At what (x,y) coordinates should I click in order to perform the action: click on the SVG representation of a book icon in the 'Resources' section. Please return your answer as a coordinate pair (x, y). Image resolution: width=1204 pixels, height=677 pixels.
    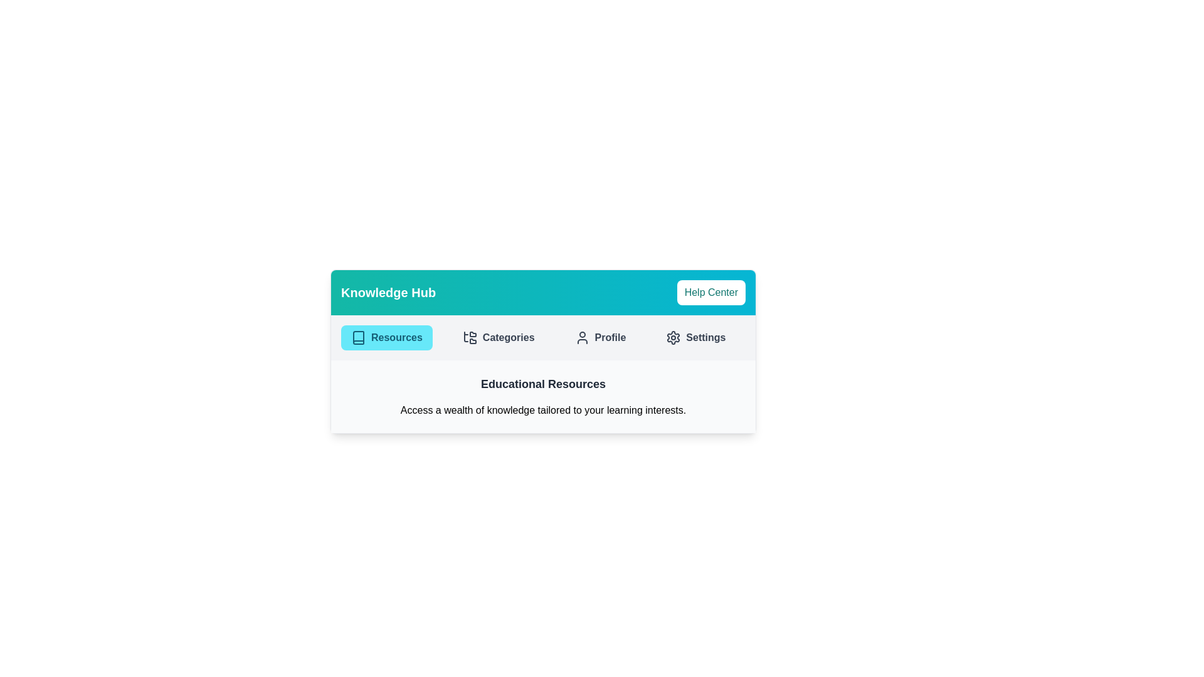
    Looking at the image, I should click on (357, 337).